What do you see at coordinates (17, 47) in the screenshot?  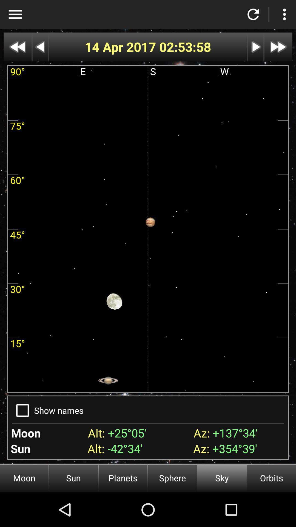 I see `speed up fast rewind` at bounding box center [17, 47].